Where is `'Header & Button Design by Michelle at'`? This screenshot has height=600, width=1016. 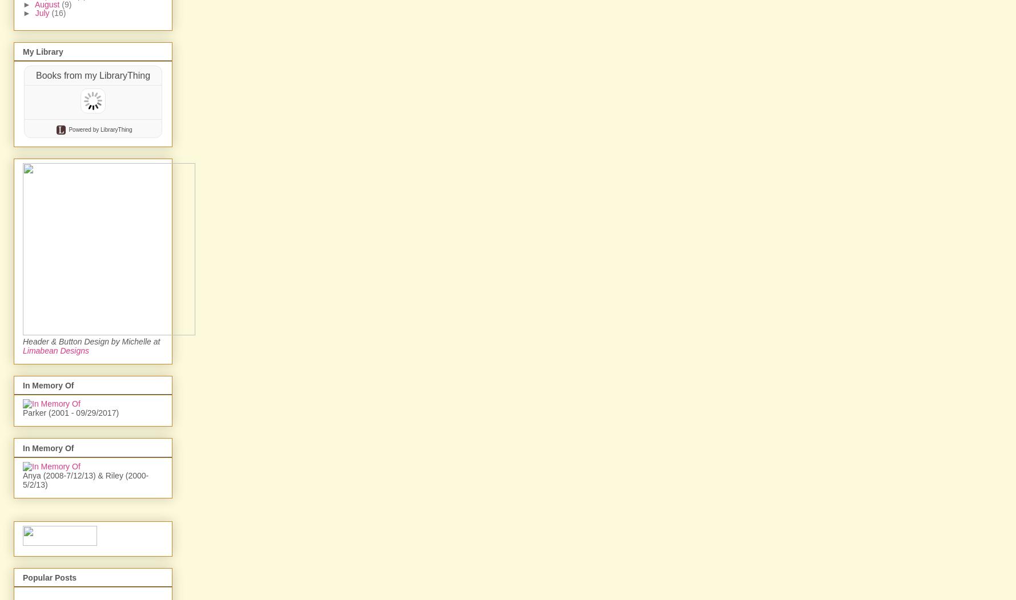
'Header & Button Design by Michelle at' is located at coordinates (91, 464).